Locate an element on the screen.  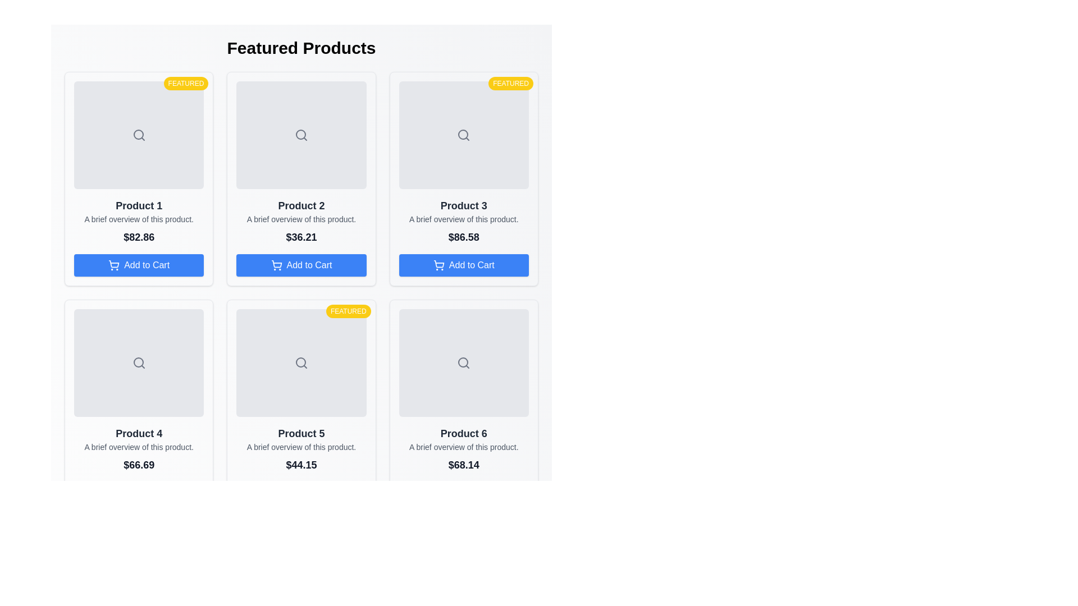
the static text label identifying 'Product 5', which is positioned in the second row of the grid layout, beneath the placeholder image and above the price and 'Add to Cart' button is located at coordinates (302, 433).